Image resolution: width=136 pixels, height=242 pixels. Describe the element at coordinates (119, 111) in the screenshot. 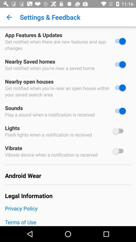

I see `sound` at that location.